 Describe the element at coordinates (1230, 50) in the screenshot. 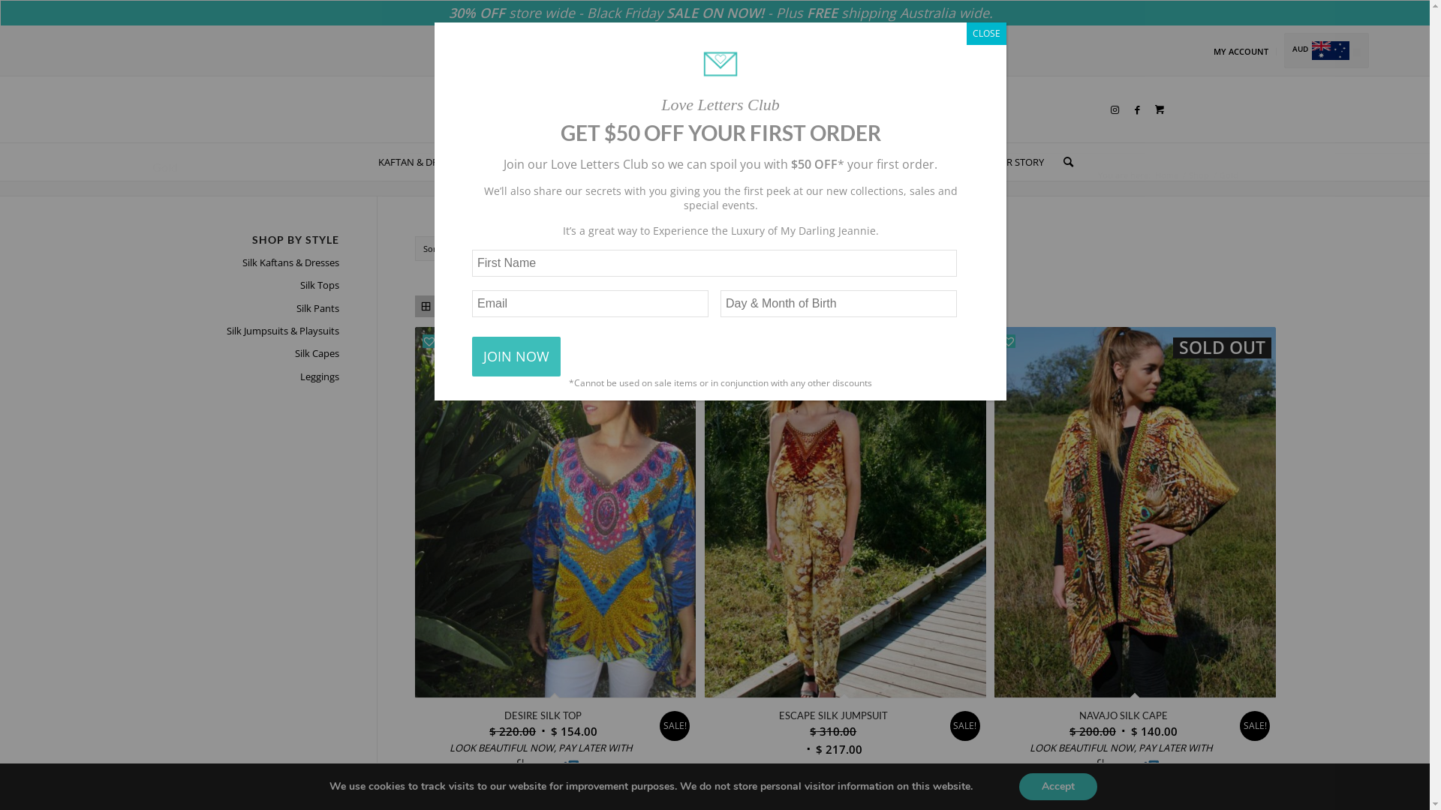

I see `'MY ACCOUNT'` at that location.